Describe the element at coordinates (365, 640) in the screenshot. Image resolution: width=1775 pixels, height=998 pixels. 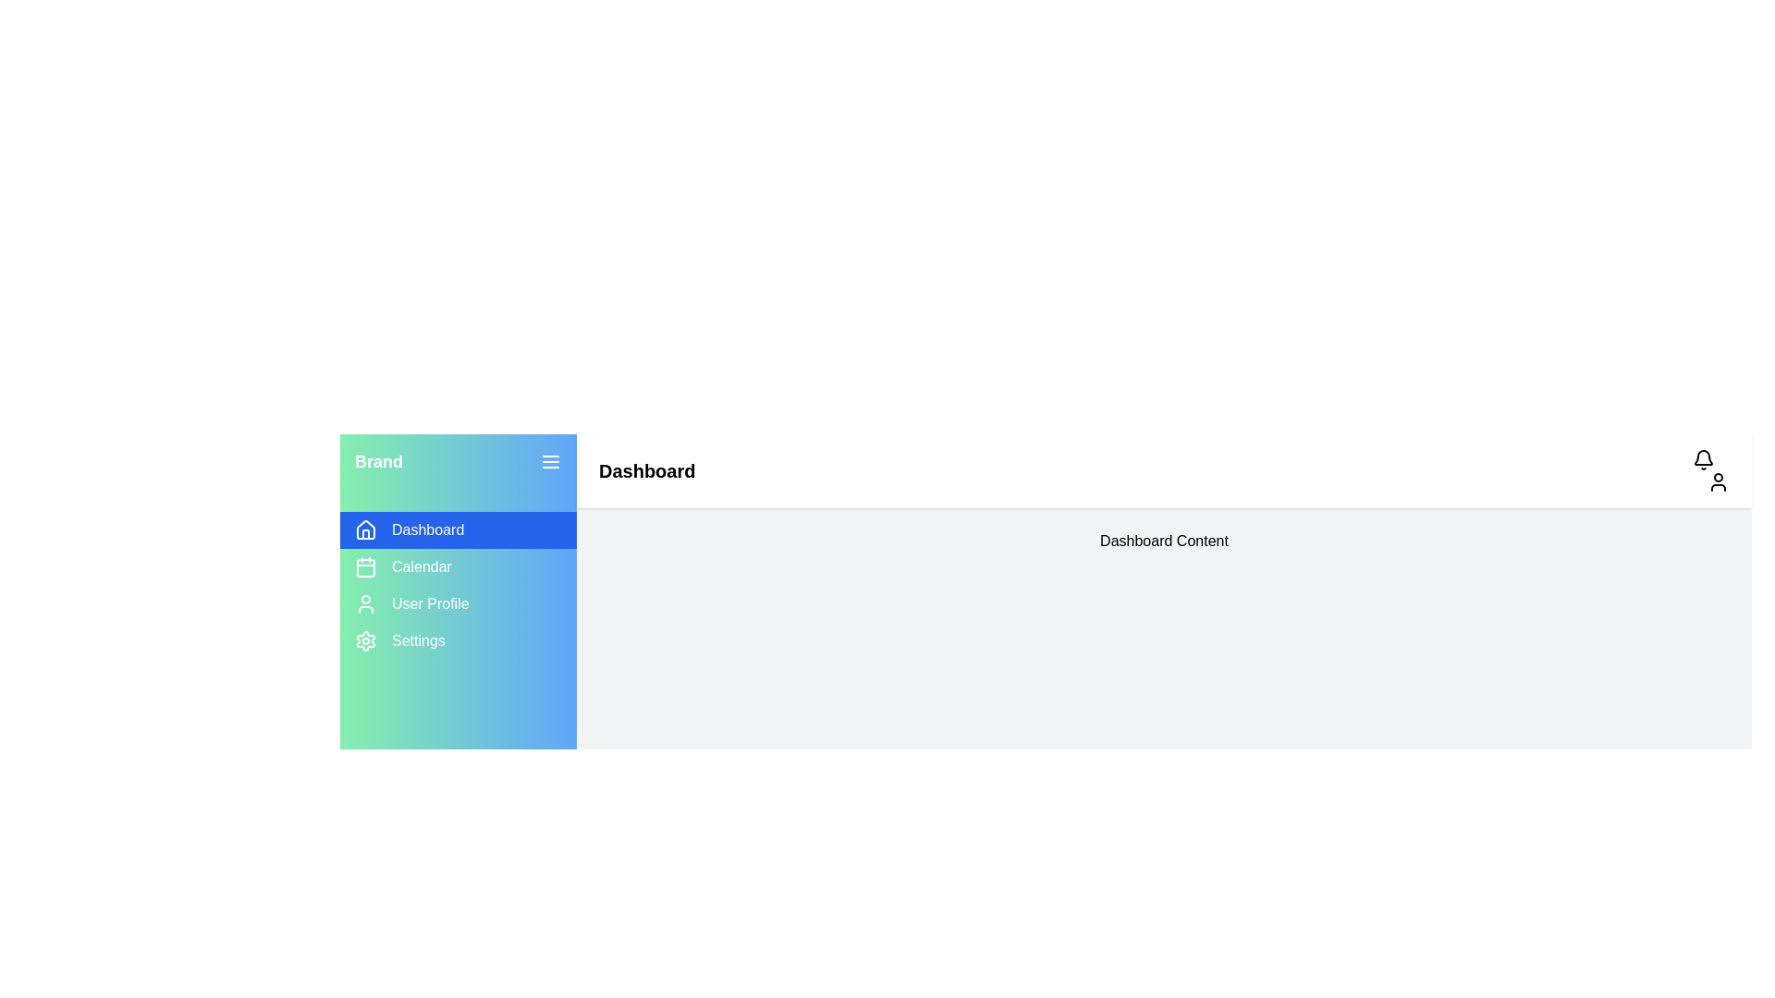
I see `the settings icon located in the left sidebar under the 'User Profile' menu option, which serves as a visual aid for navigating to configuration settings` at that location.